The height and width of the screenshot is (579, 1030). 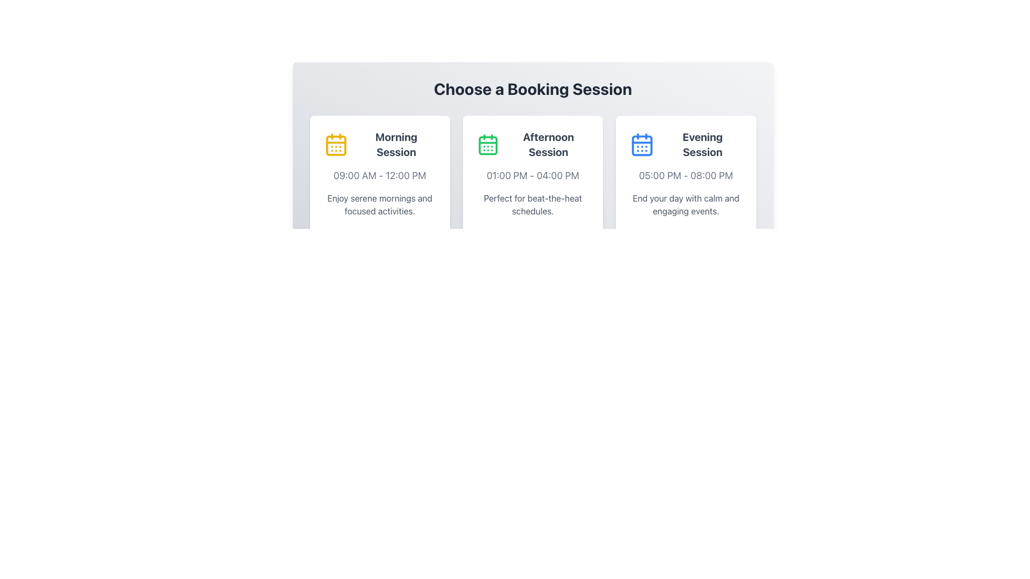 What do you see at coordinates (380, 175) in the screenshot?
I see `text label indicating the time range of the 'Morning Session' booking option located centrally in the first booking session card` at bounding box center [380, 175].